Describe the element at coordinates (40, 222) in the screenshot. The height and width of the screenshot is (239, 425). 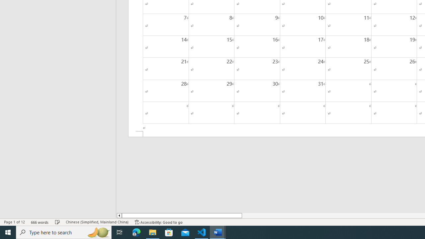
I see `'Word Count 666 words'` at that location.